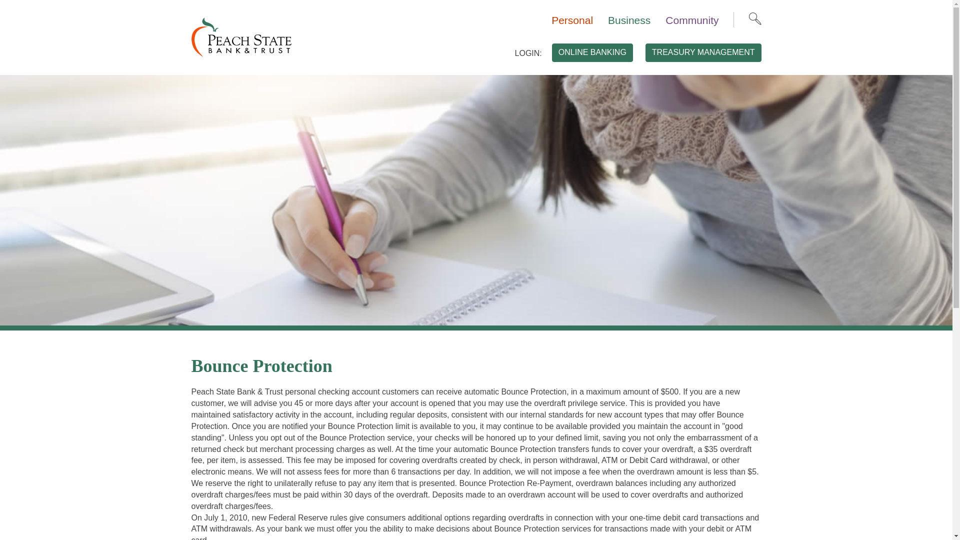 The height and width of the screenshot is (540, 960). I want to click on 'Peach State Bank & Trust, Gainesville, GA', so click(240, 36).